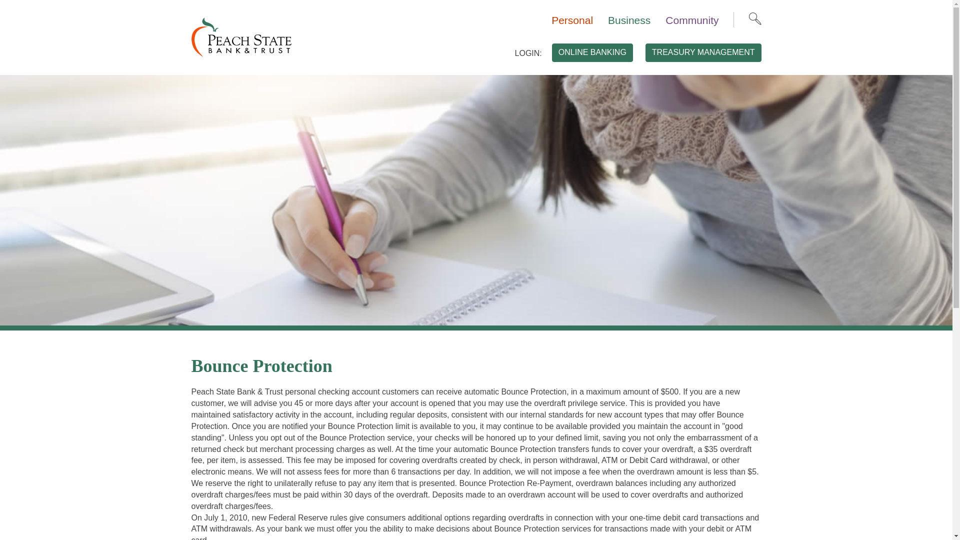 The height and width of the screenshot is (540, 960). I want to click on 'Peach State Bank & Trust, Gainesville, GA', so click(240, 36).